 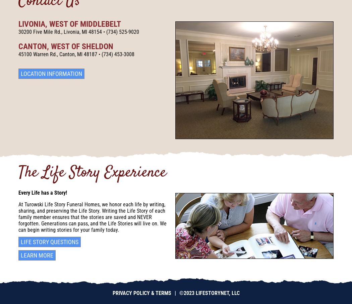 I want to click on '©2023 LifeStoryNet, LLC', so click(x=179, y=293).